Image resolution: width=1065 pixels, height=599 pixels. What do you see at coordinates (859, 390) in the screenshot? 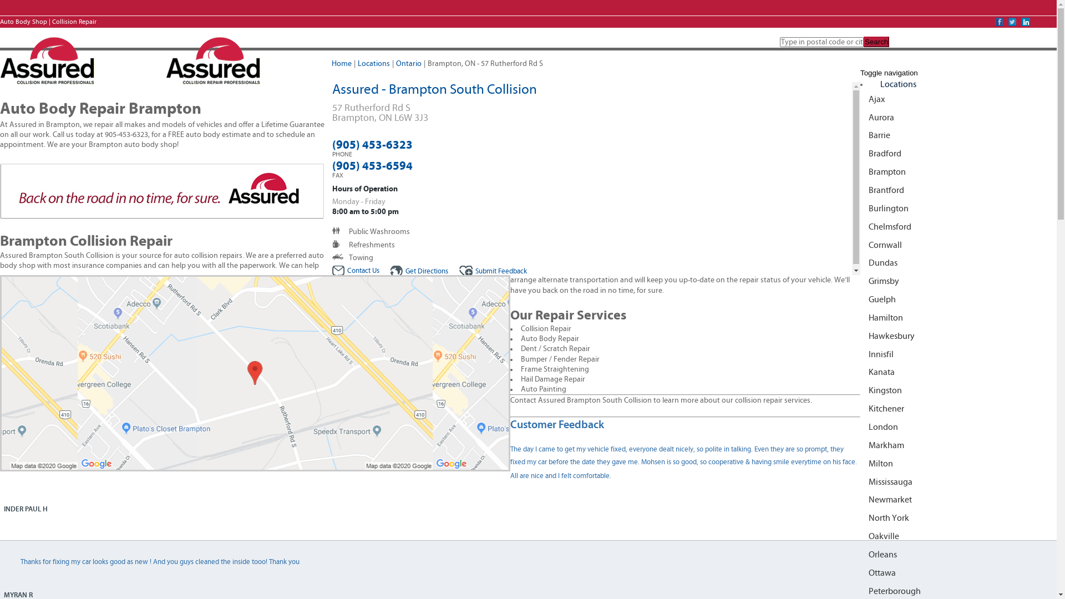
I see `'Kingston'` at bounding box center [859, 390].